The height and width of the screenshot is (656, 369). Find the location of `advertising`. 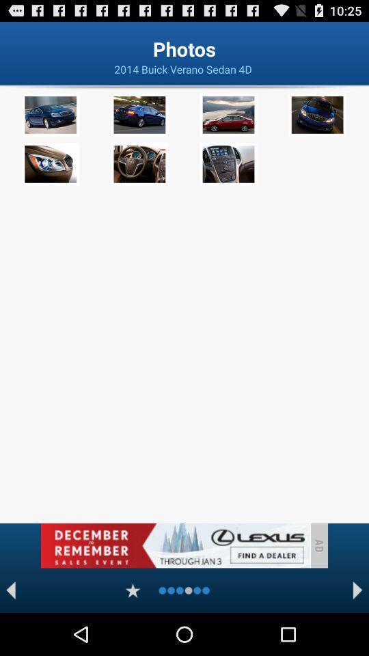

advertising is located at coordinates (175, 545).